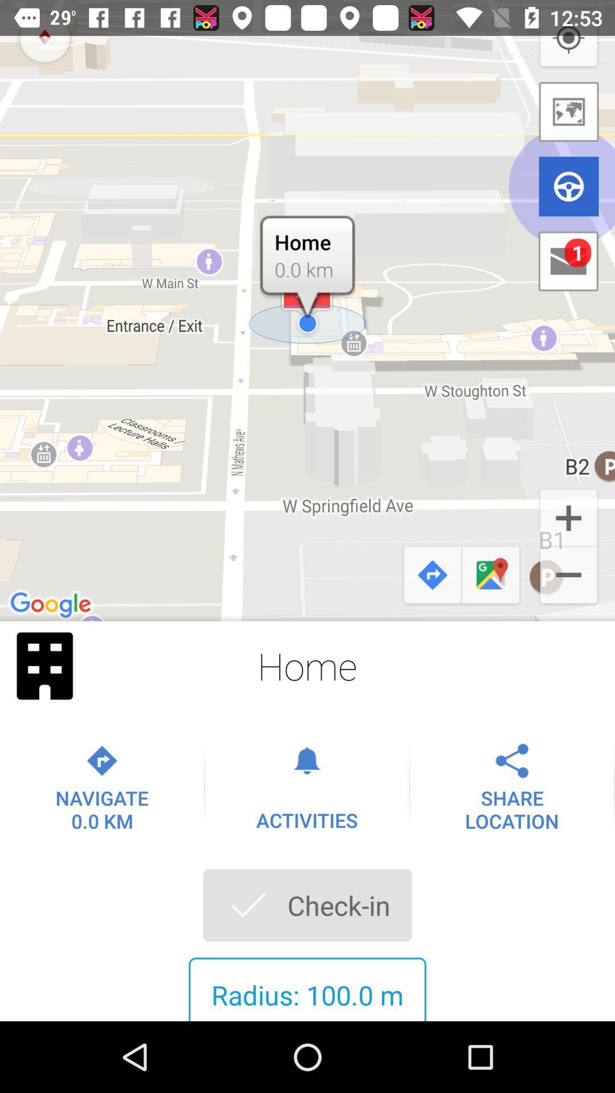 The width and height of the screenshot is (615, 1093). I want to click on the location_crosshair icon, so click(568, 38).